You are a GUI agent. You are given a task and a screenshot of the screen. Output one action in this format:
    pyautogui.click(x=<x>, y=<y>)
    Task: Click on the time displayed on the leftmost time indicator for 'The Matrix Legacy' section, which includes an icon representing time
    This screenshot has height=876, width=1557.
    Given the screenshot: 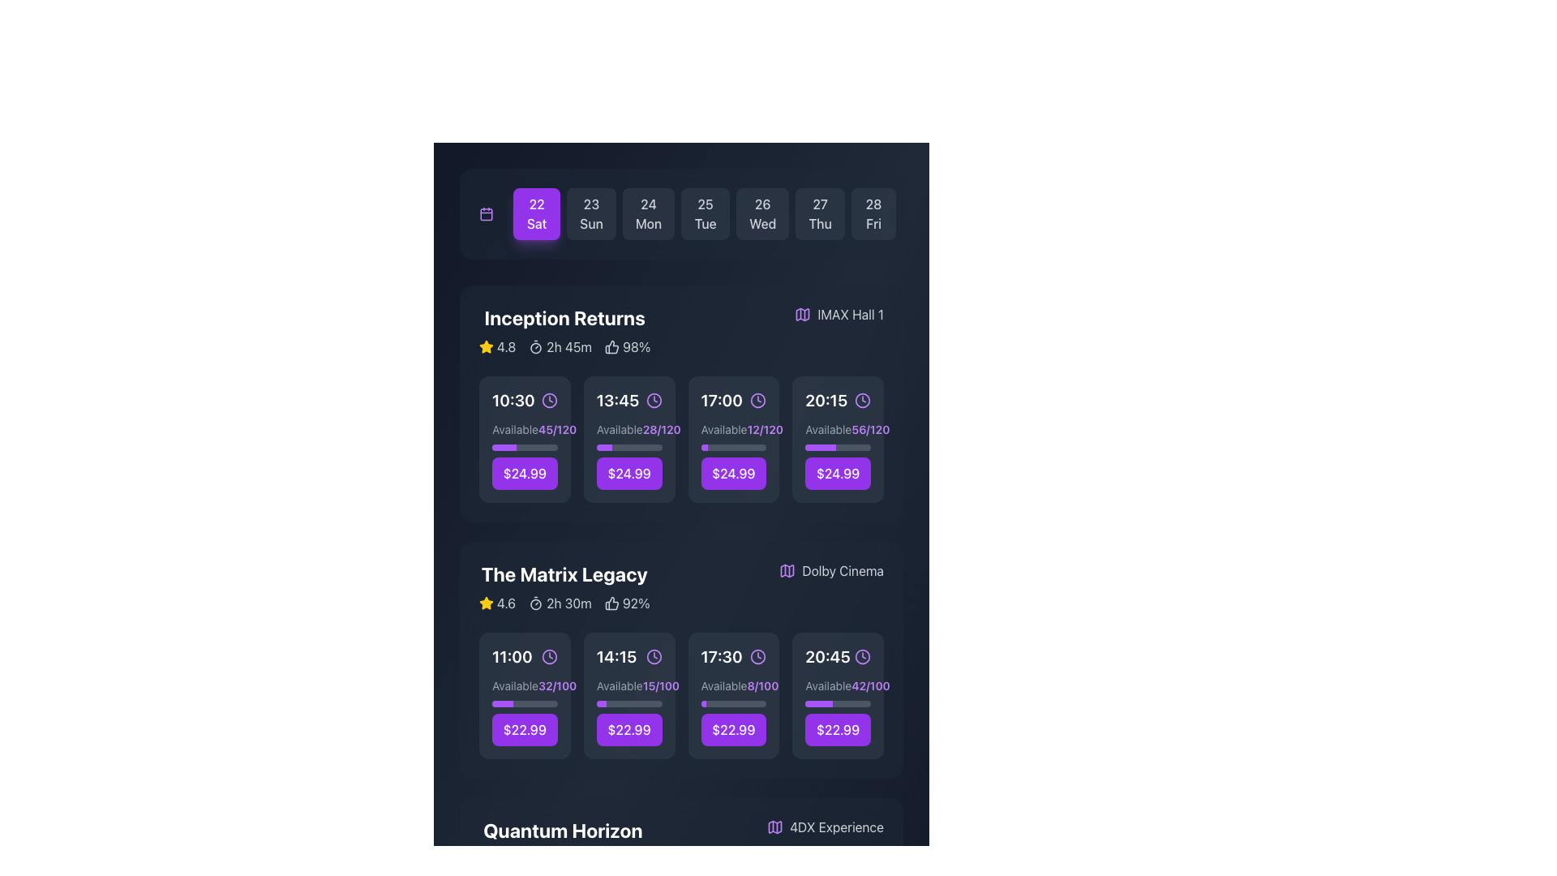 What is the action you would take?
    pyautogui.click(x=525, y=657)
    